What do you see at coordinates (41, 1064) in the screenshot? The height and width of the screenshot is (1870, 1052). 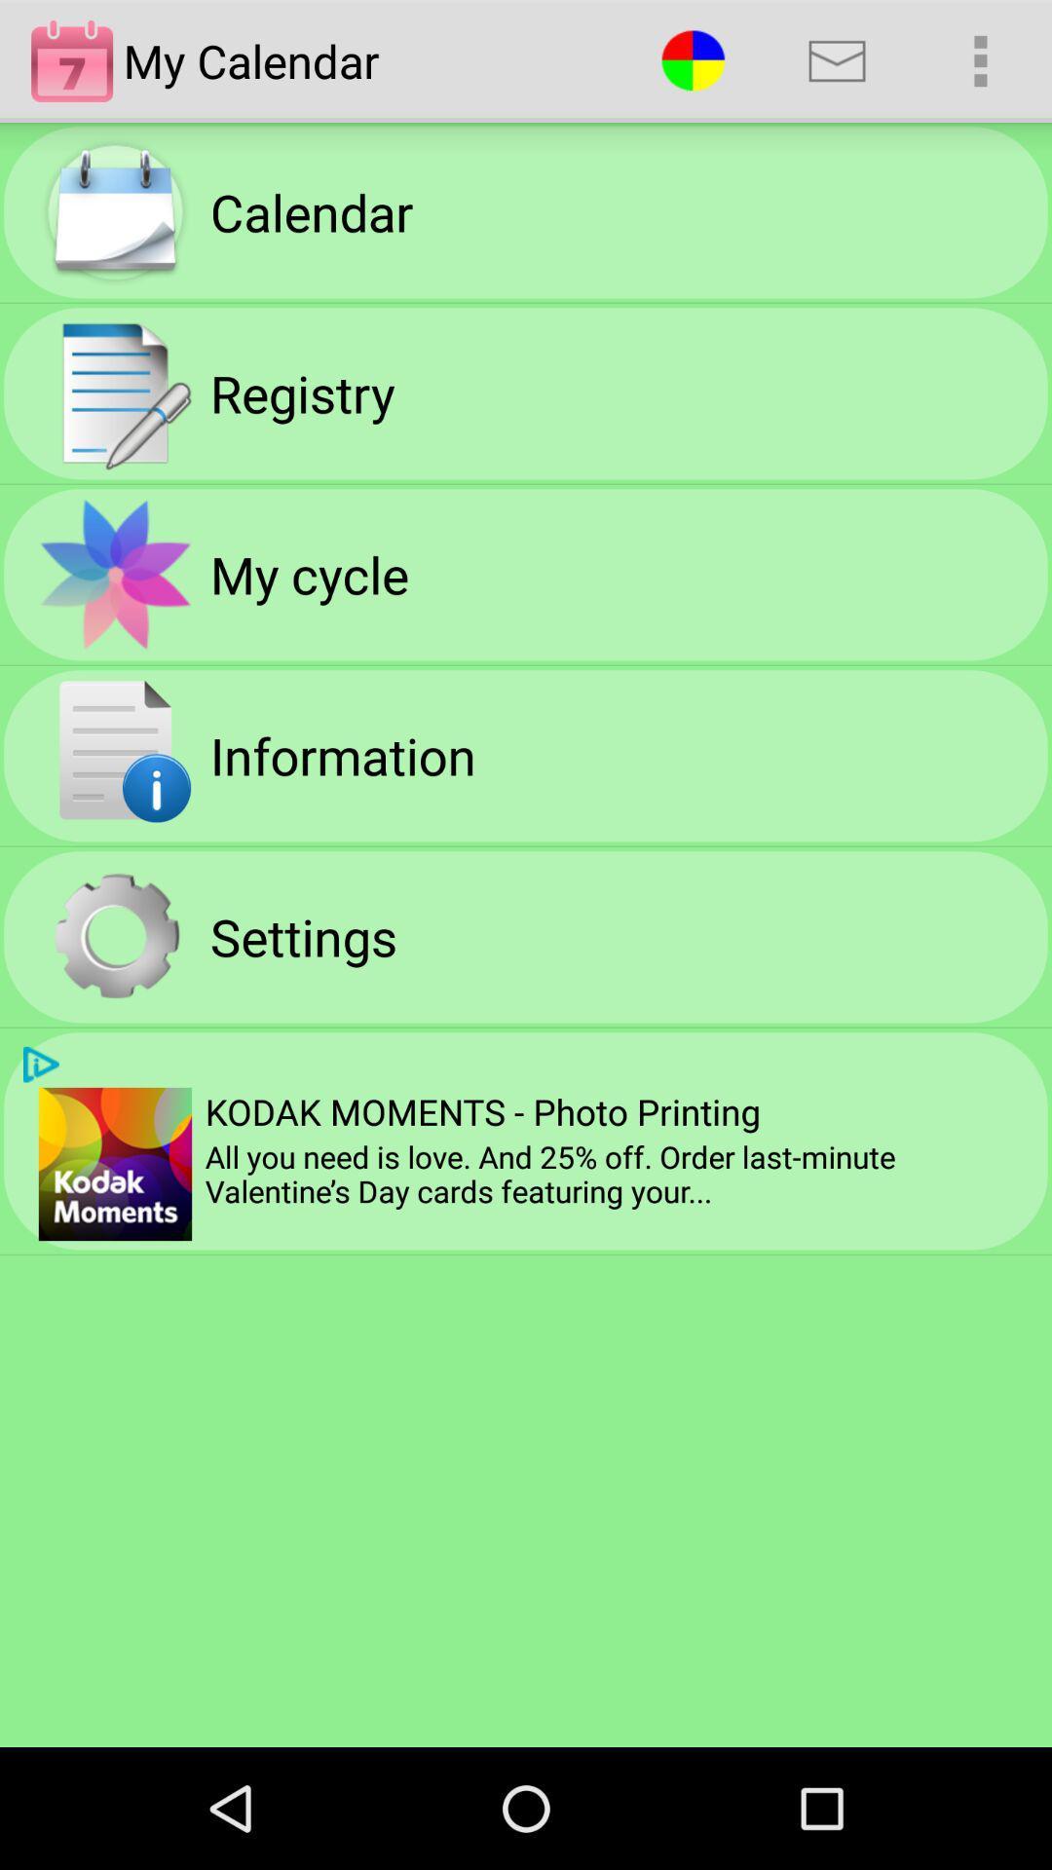 I see `icon to the left of kodak moments photo app` at bounding box center [41, 1064].